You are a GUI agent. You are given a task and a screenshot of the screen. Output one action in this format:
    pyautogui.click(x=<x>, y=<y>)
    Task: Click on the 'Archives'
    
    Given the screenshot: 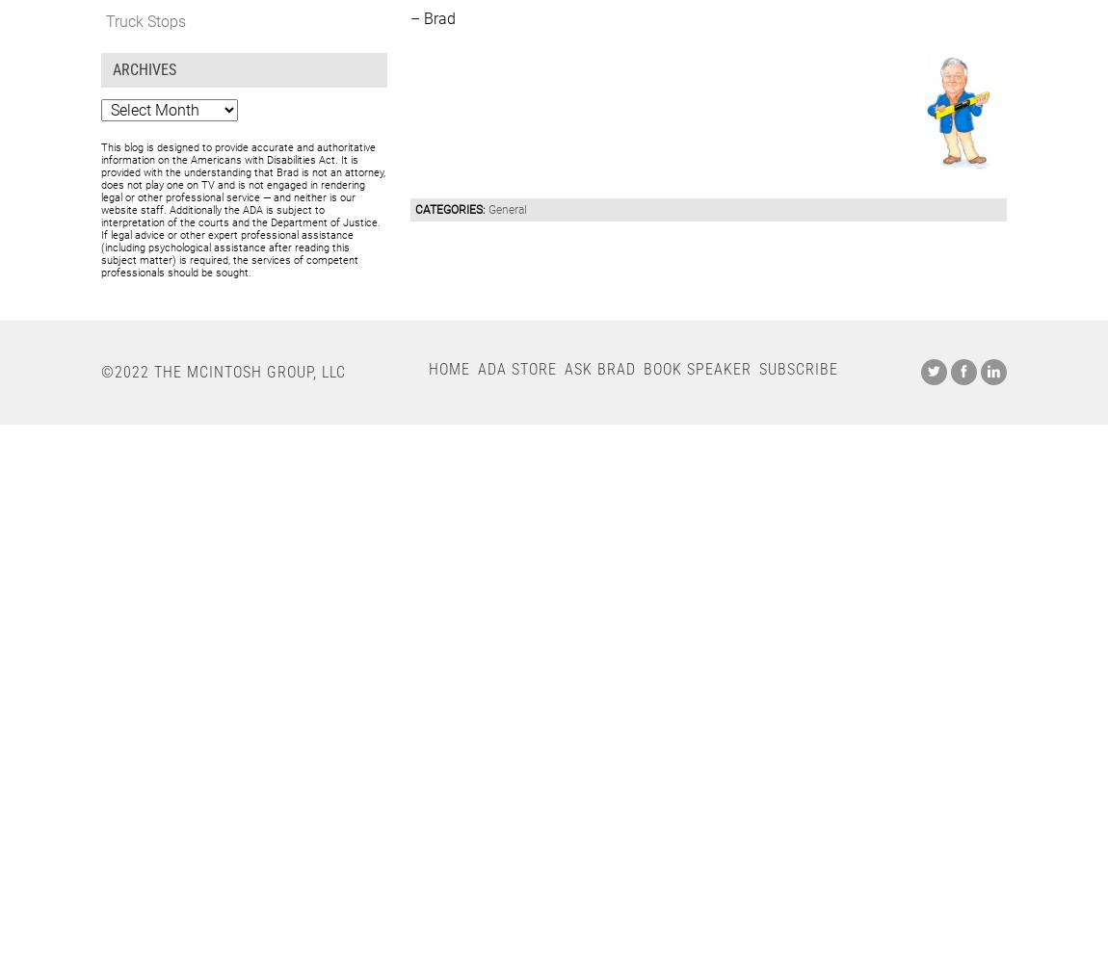 What is the action you would take?
    pyautogui.click(x=143, y=67)
    